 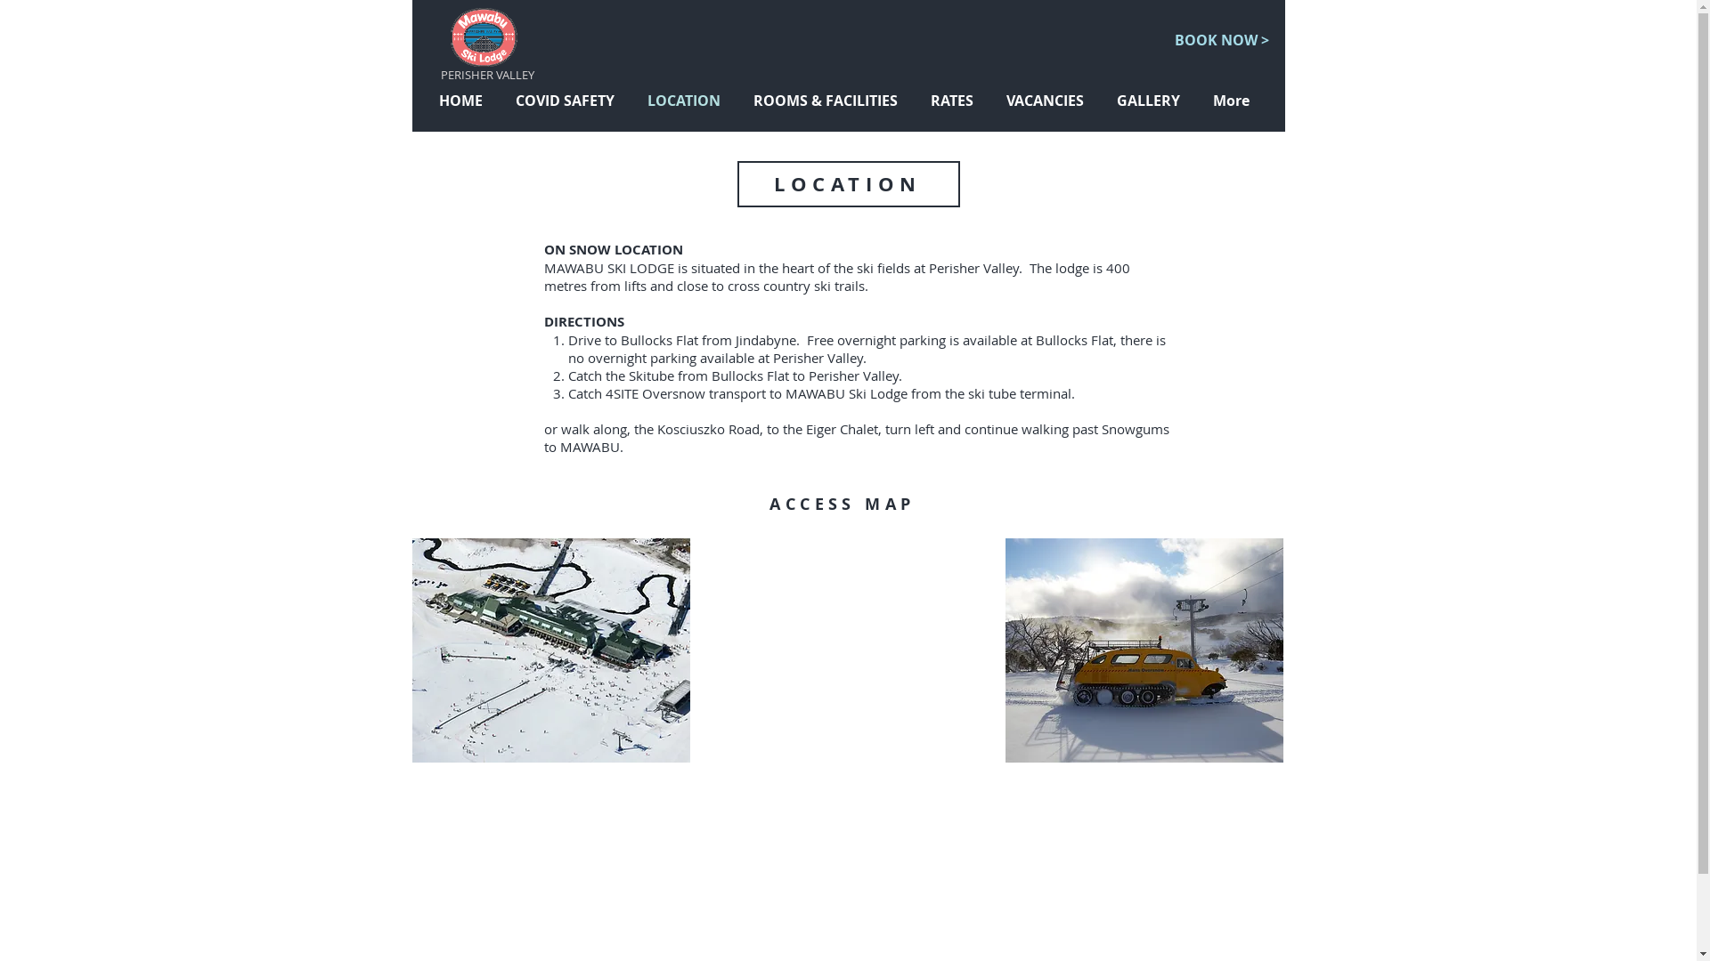 What do you see at coordinates (1047, 101) in the screenshot?
I see `'VACANCIES'` at bounding box center [1047, 101].